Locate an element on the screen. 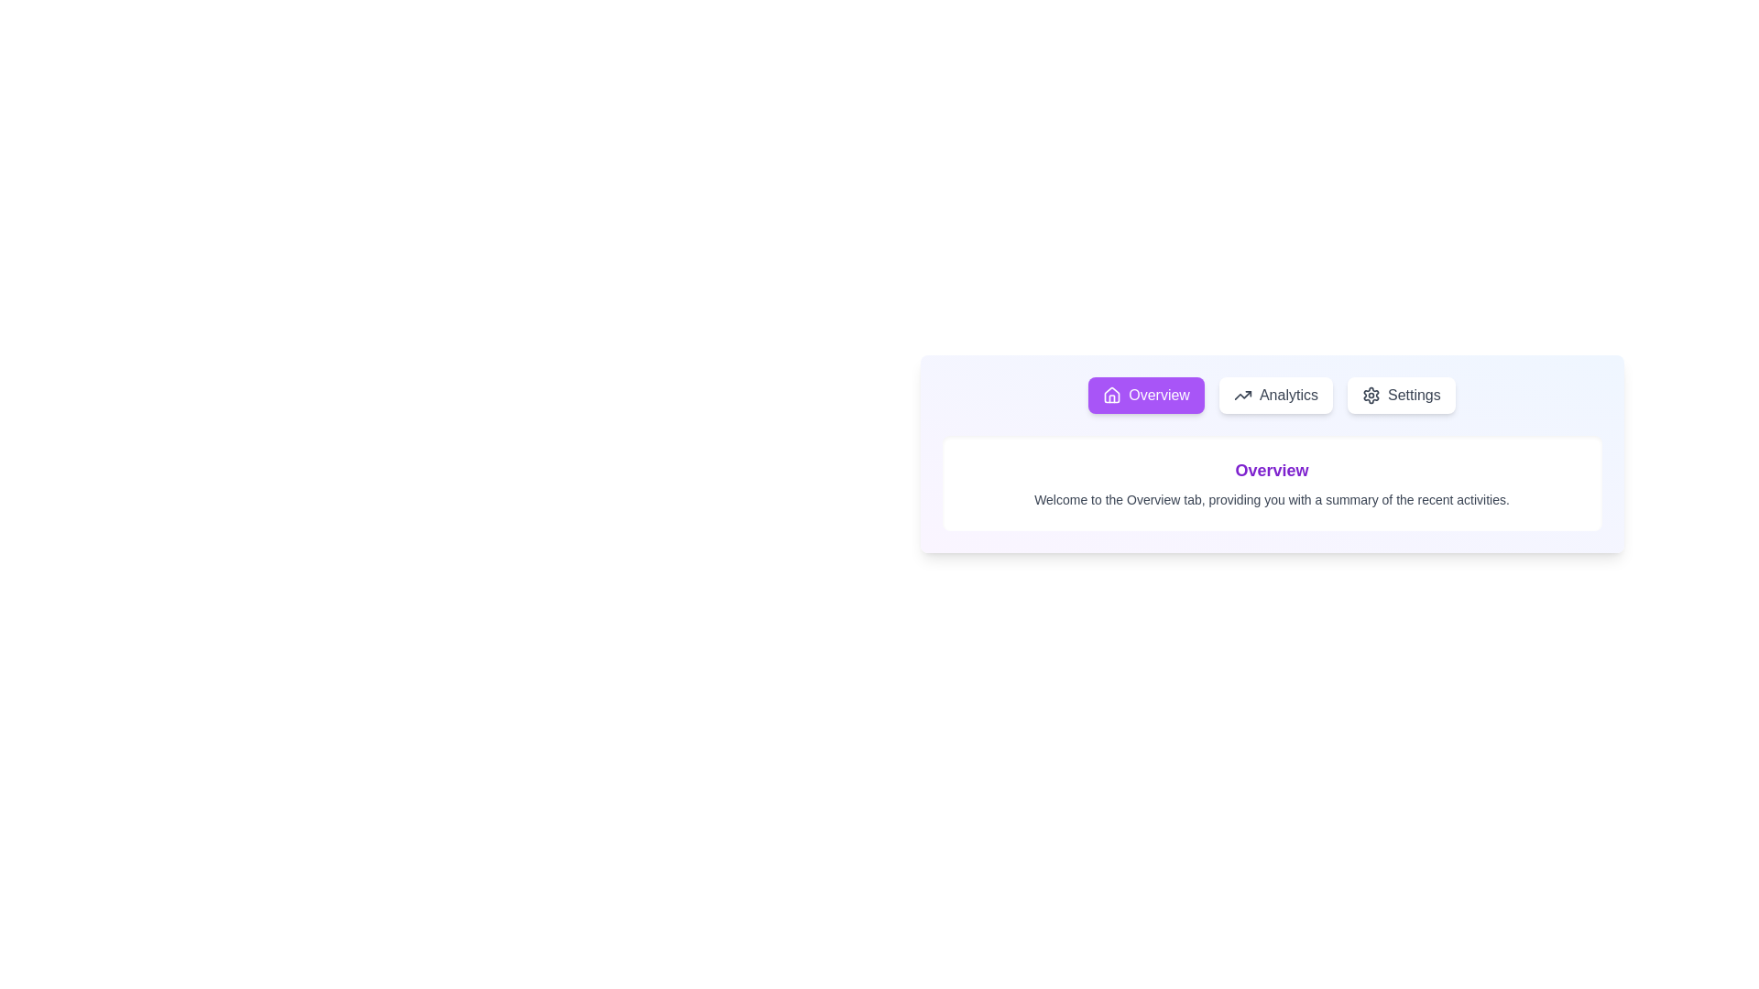 The image size is (1759, 989). the 'Analytics' button located in the navigation bar, which is represented by the icon on its left side is located at coordinates (1242, 395).